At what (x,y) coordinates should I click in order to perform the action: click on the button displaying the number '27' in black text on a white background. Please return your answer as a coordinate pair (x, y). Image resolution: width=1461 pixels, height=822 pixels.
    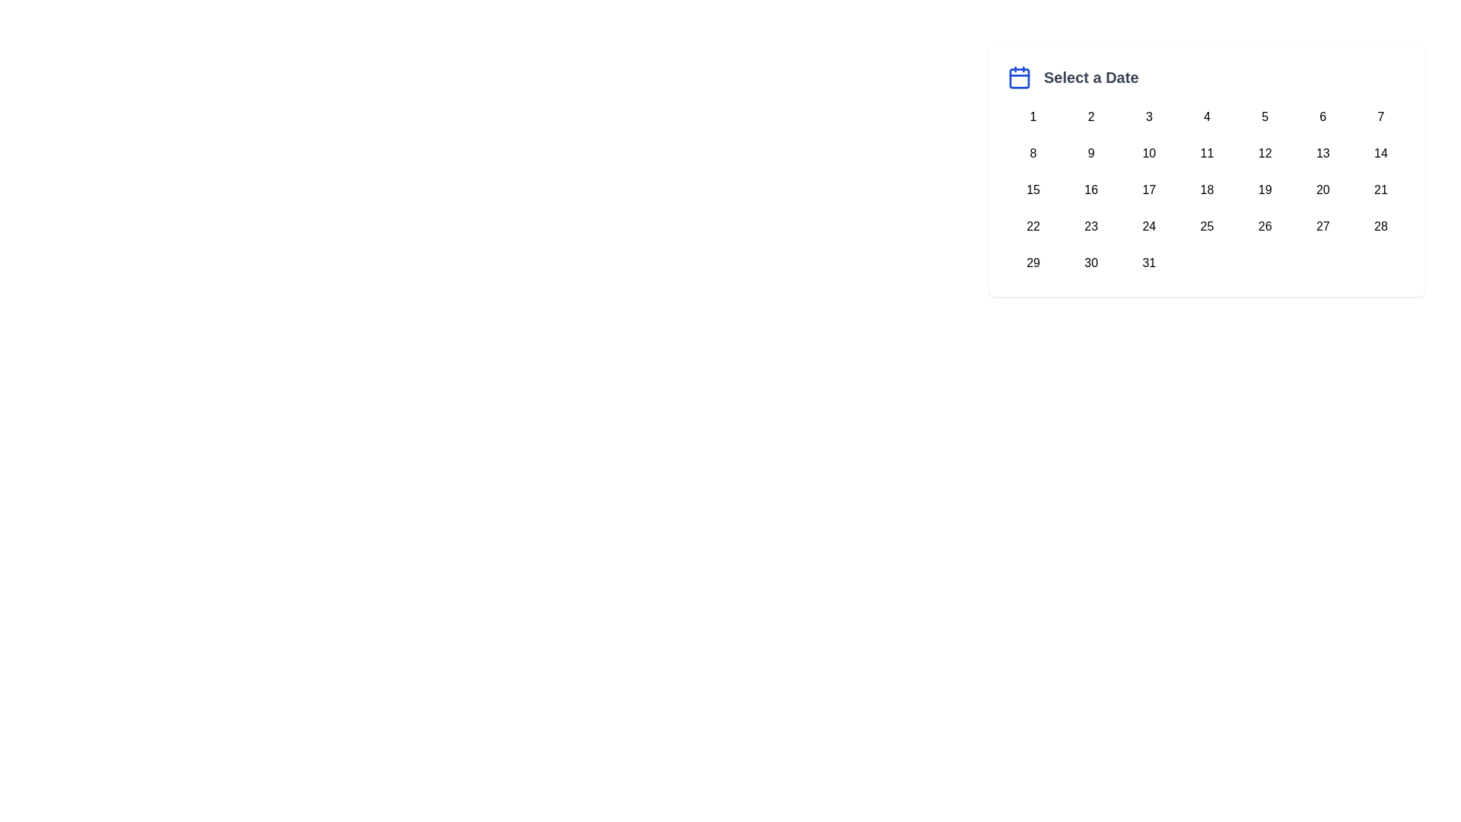
    Looking at the image, I should click on (1322, 226).